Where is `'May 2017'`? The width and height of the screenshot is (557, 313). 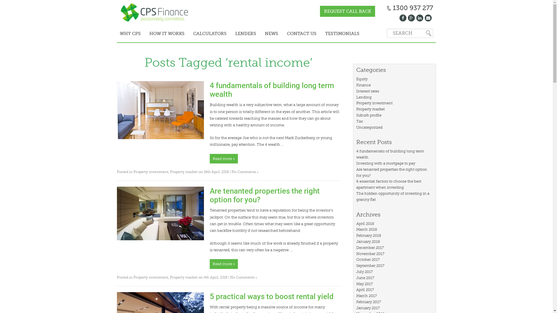
'May 2017' is located at coordinates (364, 283).